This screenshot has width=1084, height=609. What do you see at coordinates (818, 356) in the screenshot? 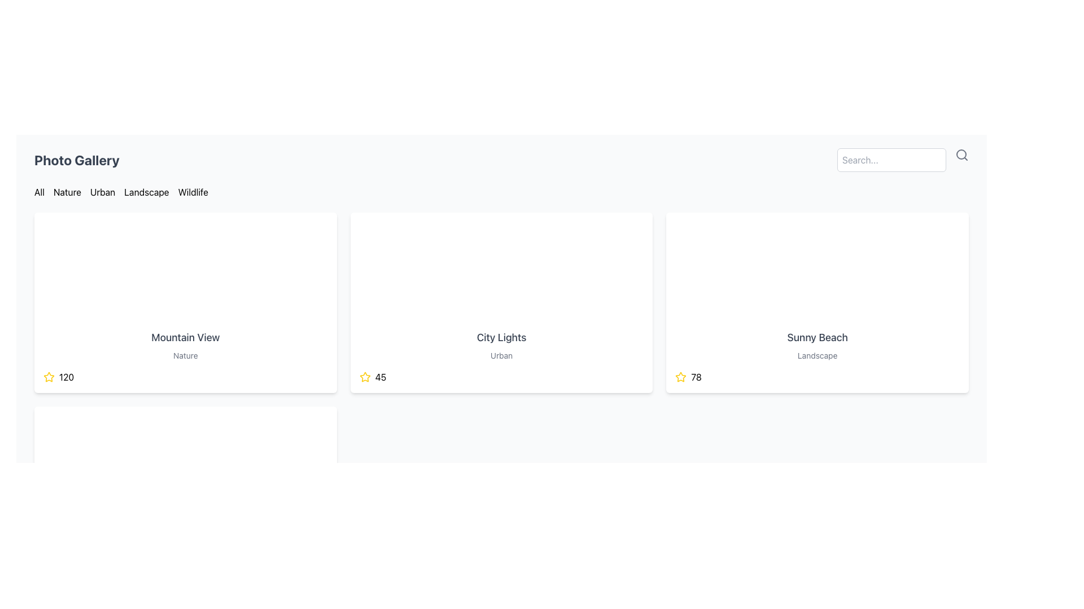
I see `the text label displaying 'Landscape', which is positioned below the title 'Sunny Beach' and above the rating of '78' with a star icon in the rightmost content card` at bounding box center [818, 356].